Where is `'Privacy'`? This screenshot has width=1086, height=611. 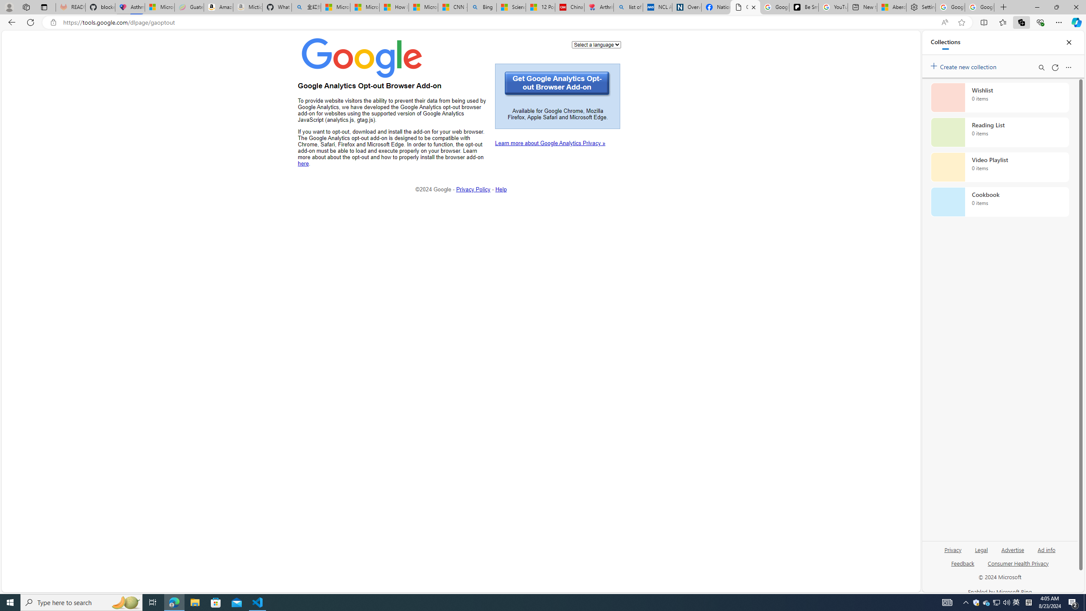
'Privacy' is located at coordinates (953, 552).